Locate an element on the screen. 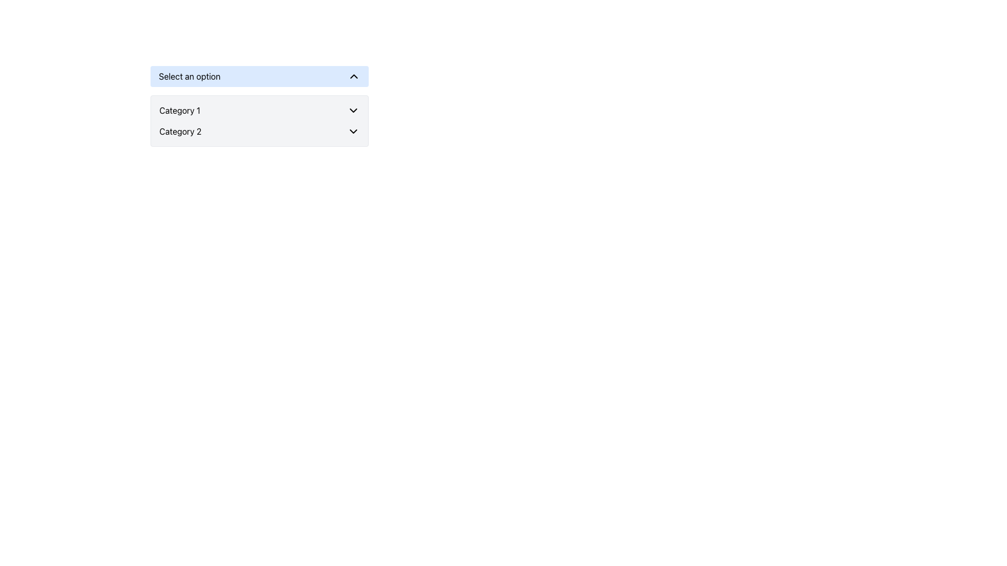 The height and width of the screenshot is (566, 1007). the non-interactive text label indicating the second category within the dropdown menu, located directly below the 'Category 1' label is located at coordinates (180, 130).